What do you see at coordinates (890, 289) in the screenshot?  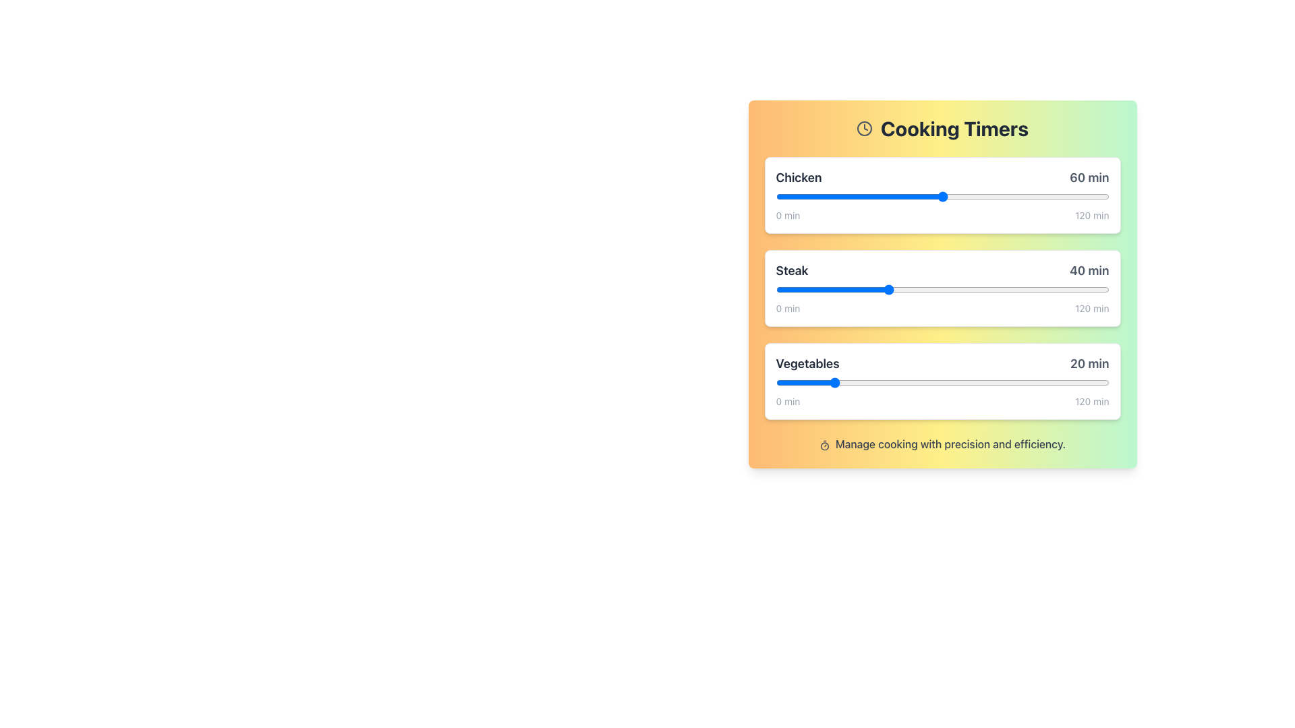 I see `cooking time for steak` at bounding box center [890, 289].